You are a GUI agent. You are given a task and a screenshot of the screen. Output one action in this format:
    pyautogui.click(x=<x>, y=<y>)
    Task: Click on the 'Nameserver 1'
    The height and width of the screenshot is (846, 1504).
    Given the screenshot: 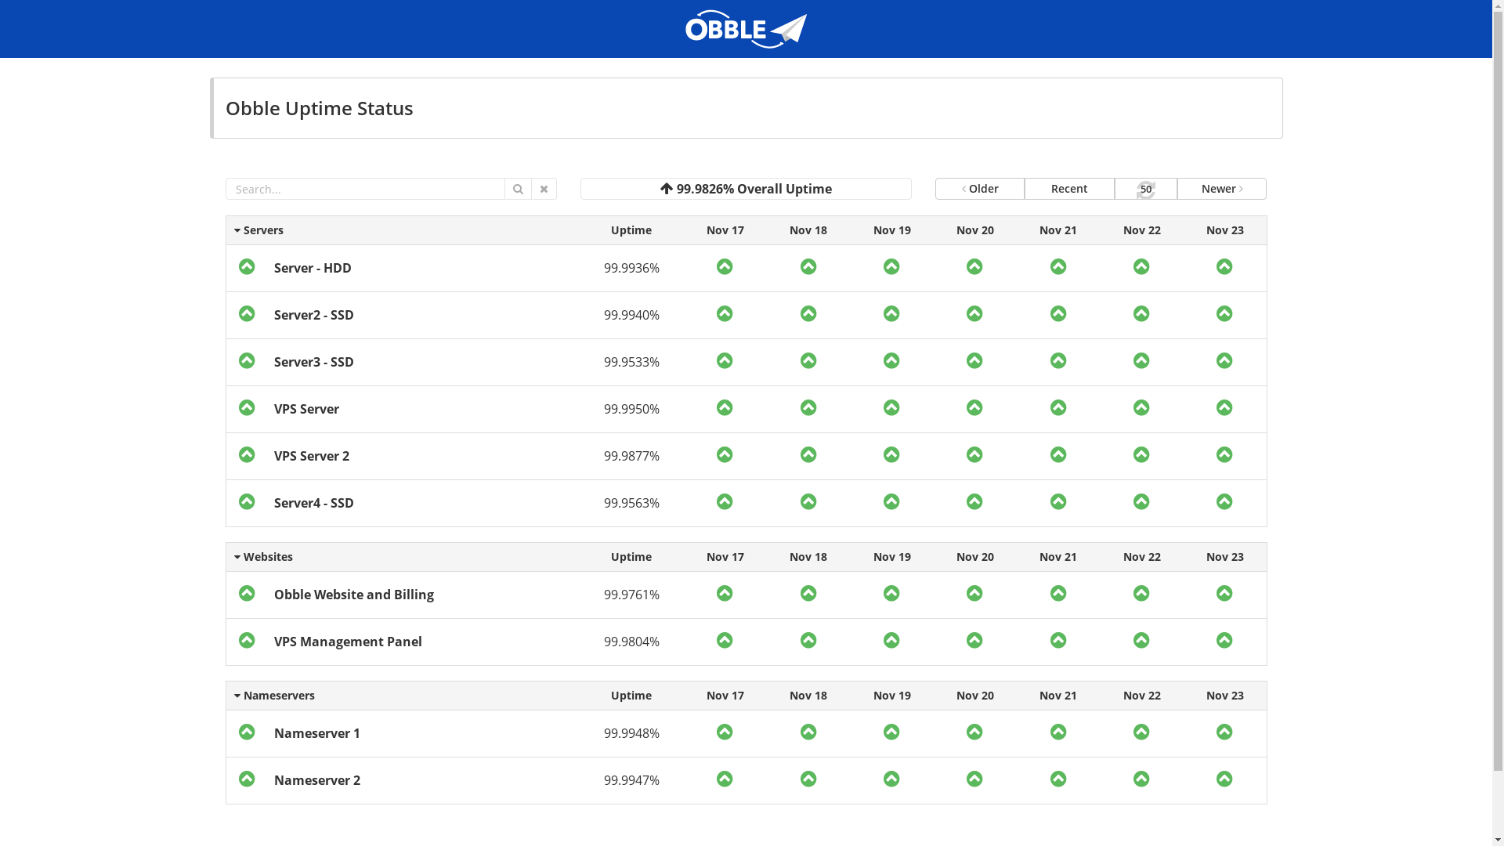 What is the action you would take?
    pyautogui.click(x=316, y=733)
    